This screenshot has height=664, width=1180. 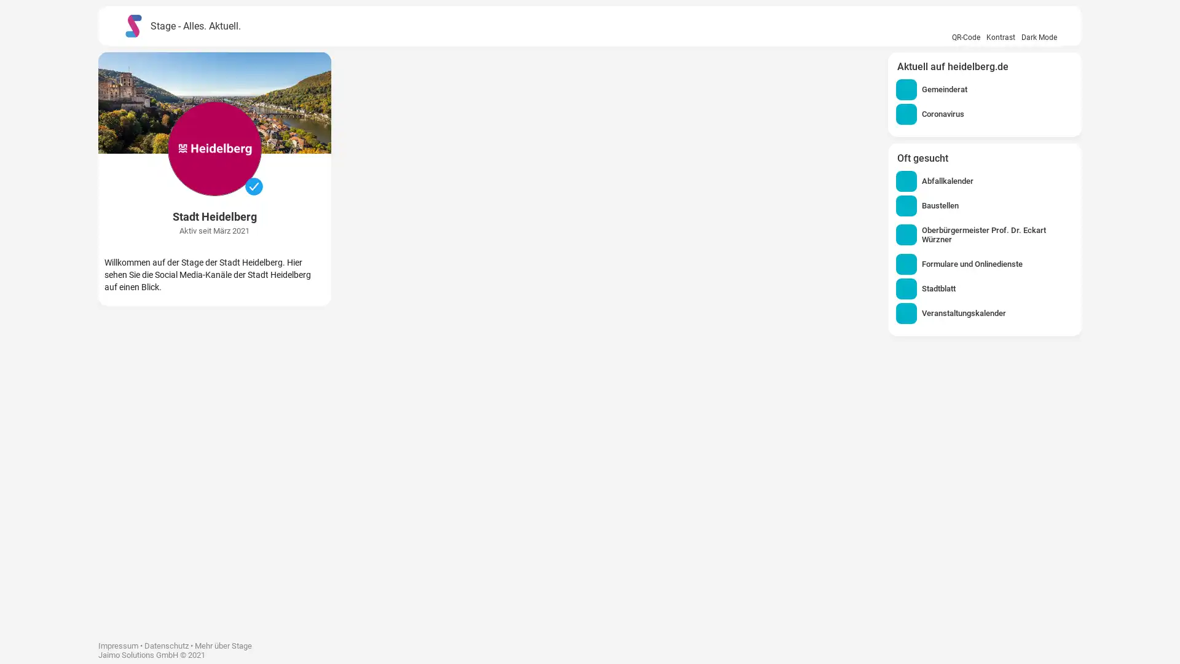 I want to click on logo facebook Zu Facebook, so click(x=406, y=528).